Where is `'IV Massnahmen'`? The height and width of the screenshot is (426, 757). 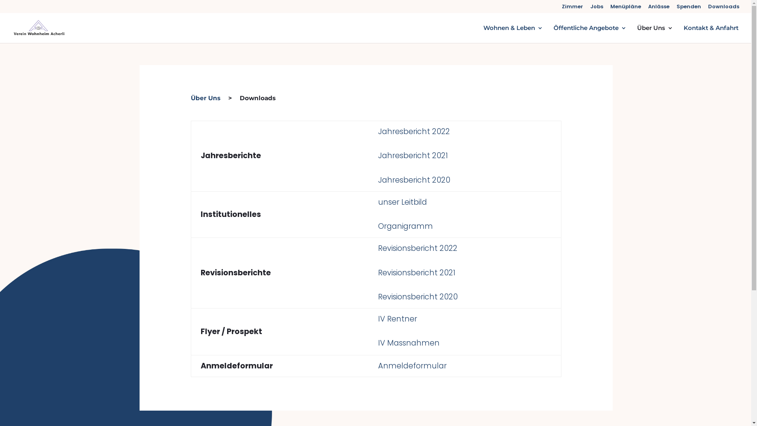 'IV Massnahmen' is located at coordinates (408, 342).